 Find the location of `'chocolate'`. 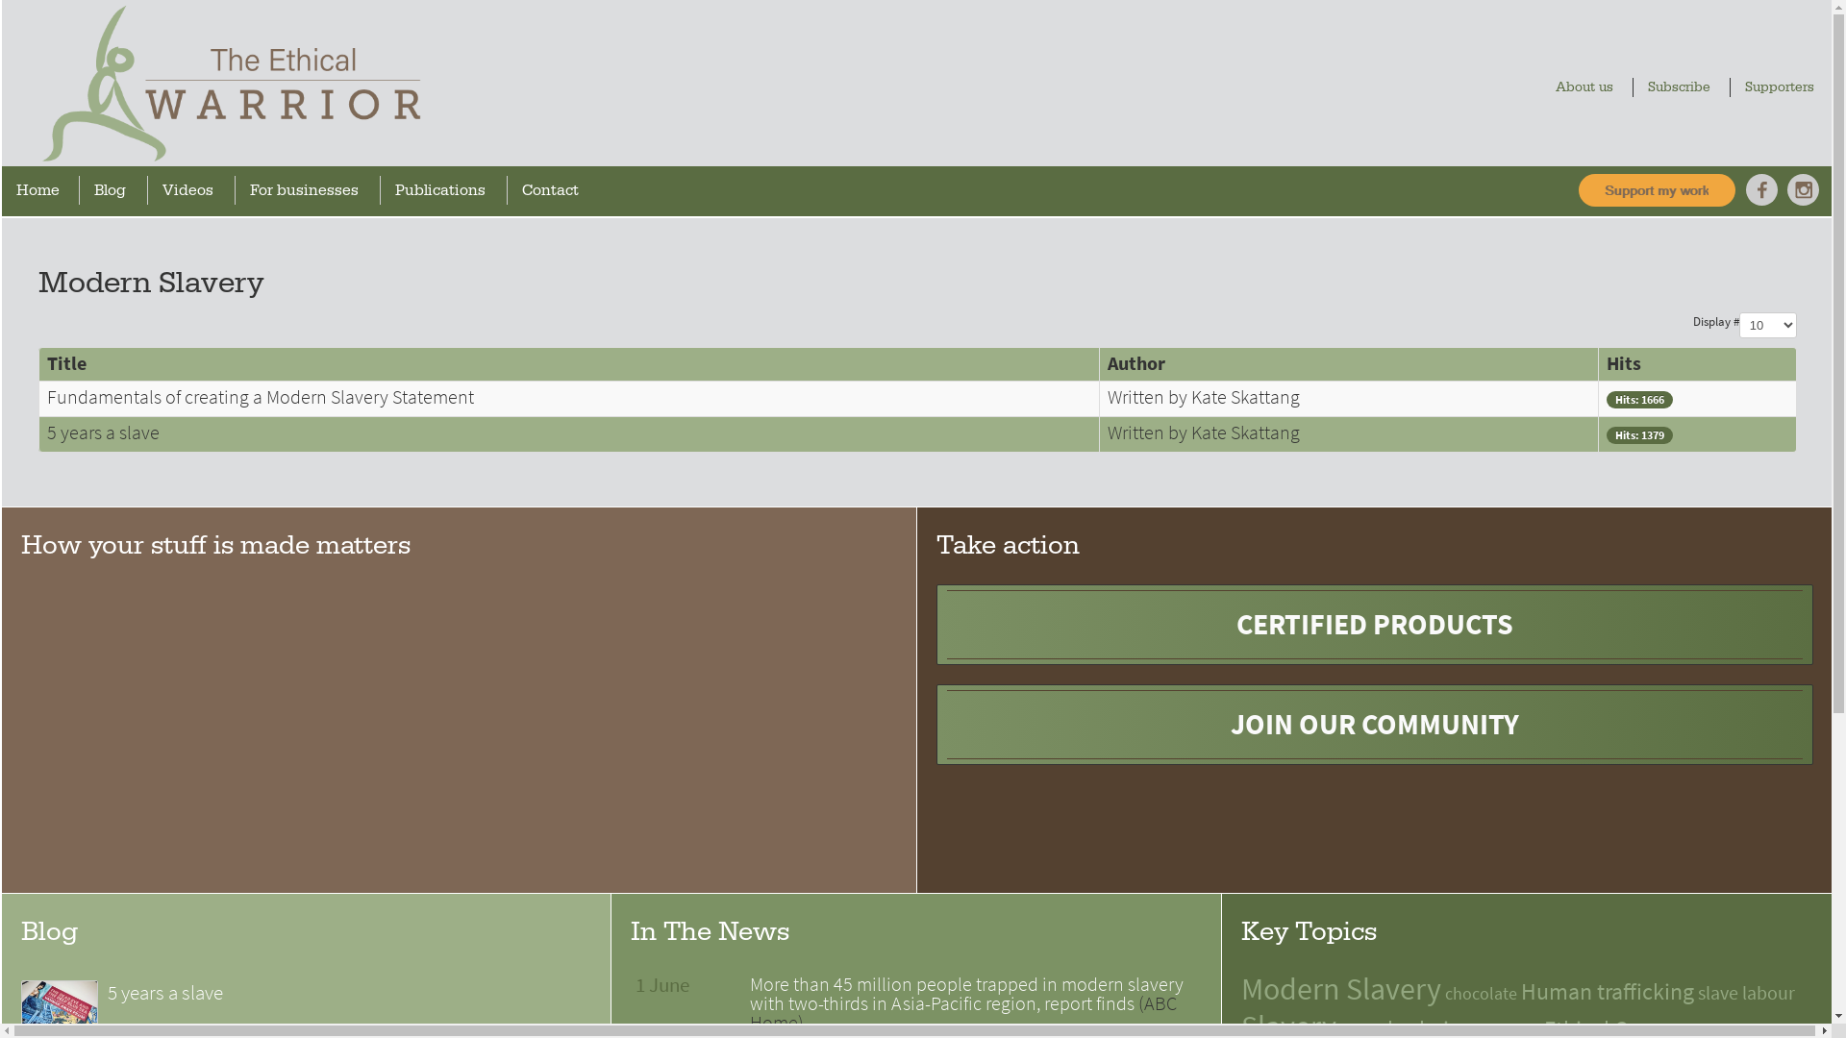

'chocolate' is located at coordinates (1480, 993).